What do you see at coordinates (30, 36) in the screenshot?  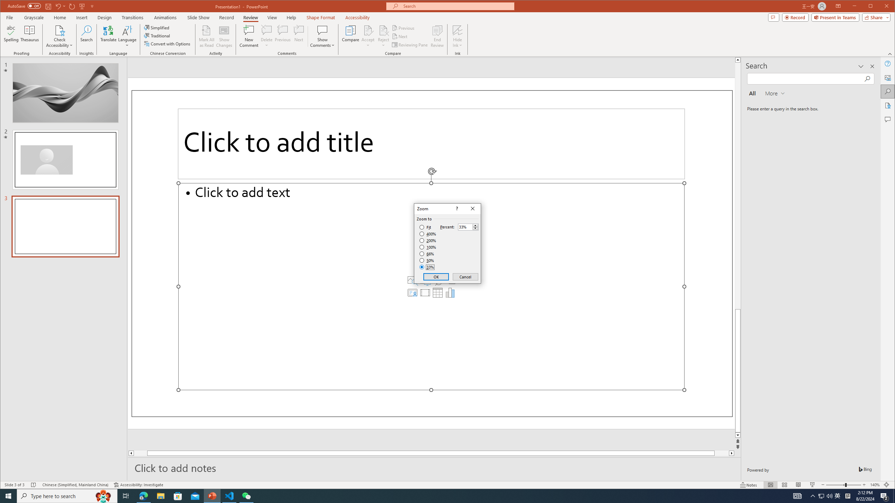 I see `'Thesaurus...'` at bounding box center [30, 36].